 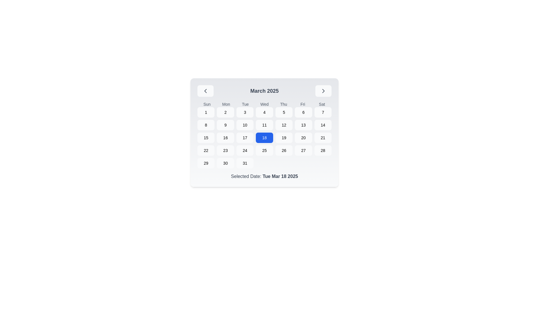 I want to click on the calendar cell displaying the number '24', so click(x=245, y=150).